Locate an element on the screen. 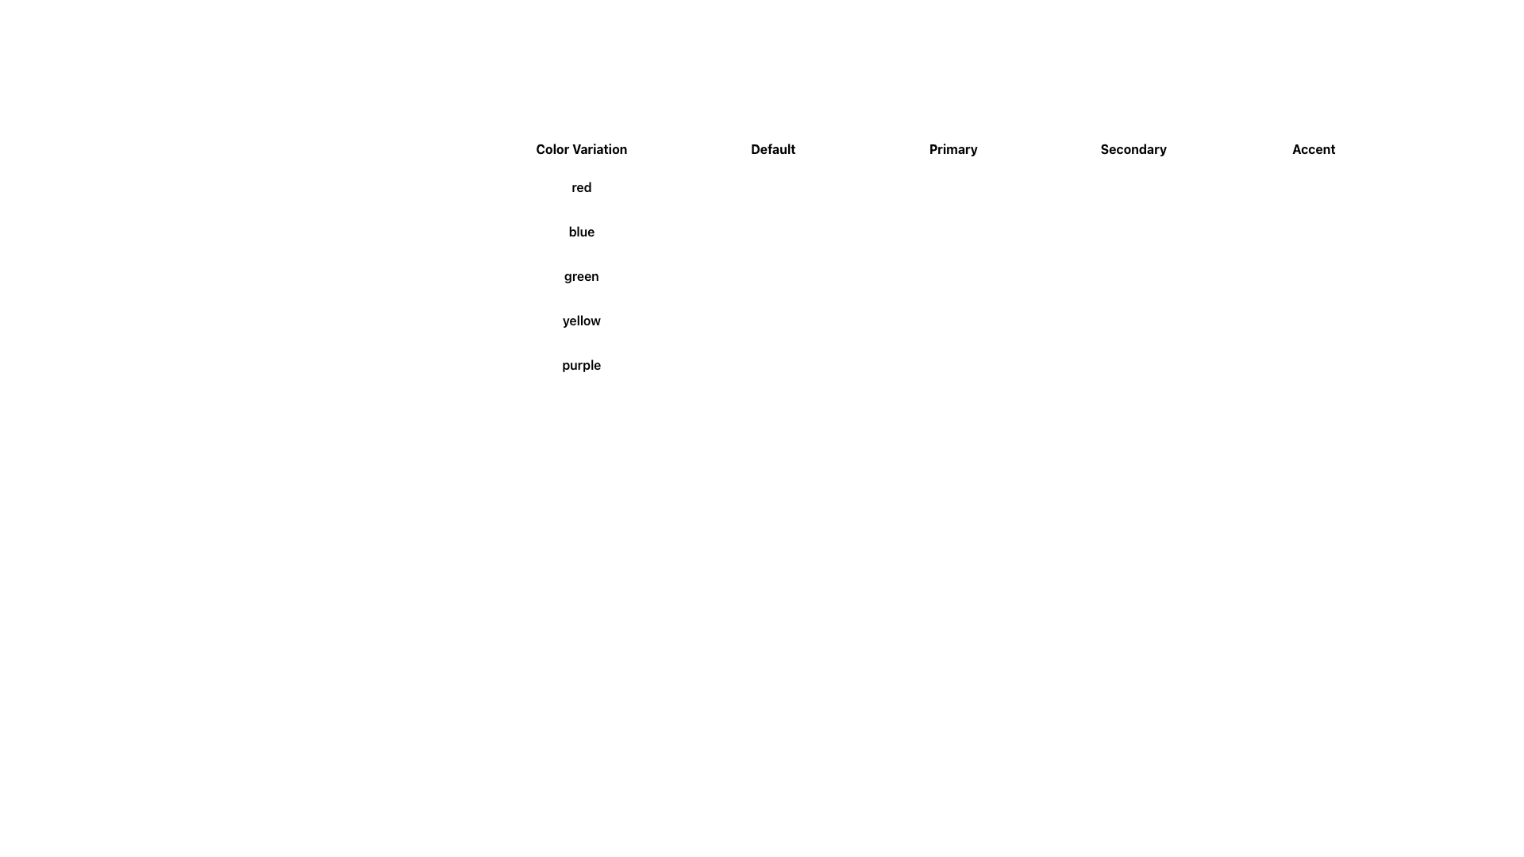 The image size is (1524, 857). the 'Default Purple' button located in the 'Color Variation' column under the 'Default' section is located at coordinates (773, 364).